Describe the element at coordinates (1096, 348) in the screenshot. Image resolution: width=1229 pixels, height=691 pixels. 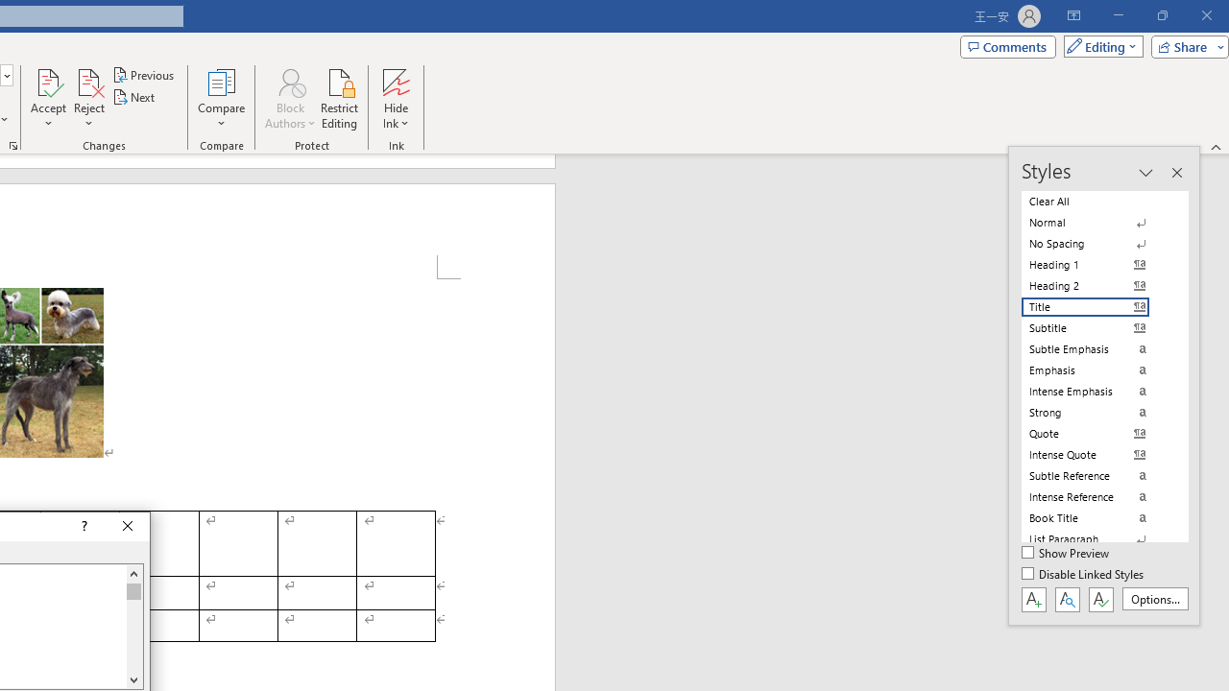
I see `'Subtle Emphasis'` at that location.